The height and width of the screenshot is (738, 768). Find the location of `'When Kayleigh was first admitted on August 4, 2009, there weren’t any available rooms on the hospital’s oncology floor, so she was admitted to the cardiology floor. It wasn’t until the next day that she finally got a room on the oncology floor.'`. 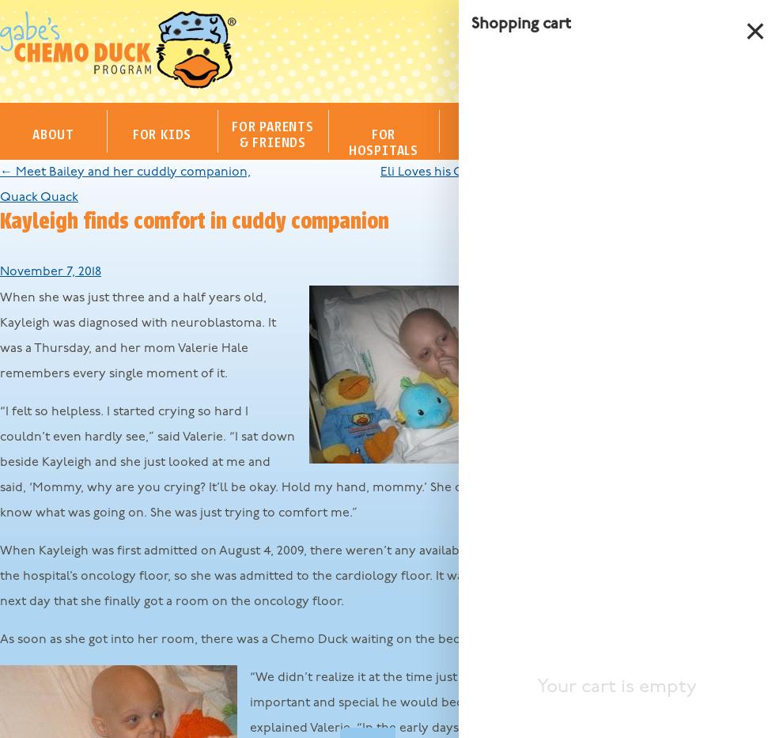

'When Kayleigh was first admitted on August 4, 2009, there weren’t any available rooms on the hospital’s oncology floor, so she was admitted to the cardiology floor. It wasn’t until the next day that she finally got a room on the oncology floor.' is located at coordinates (269, 575).